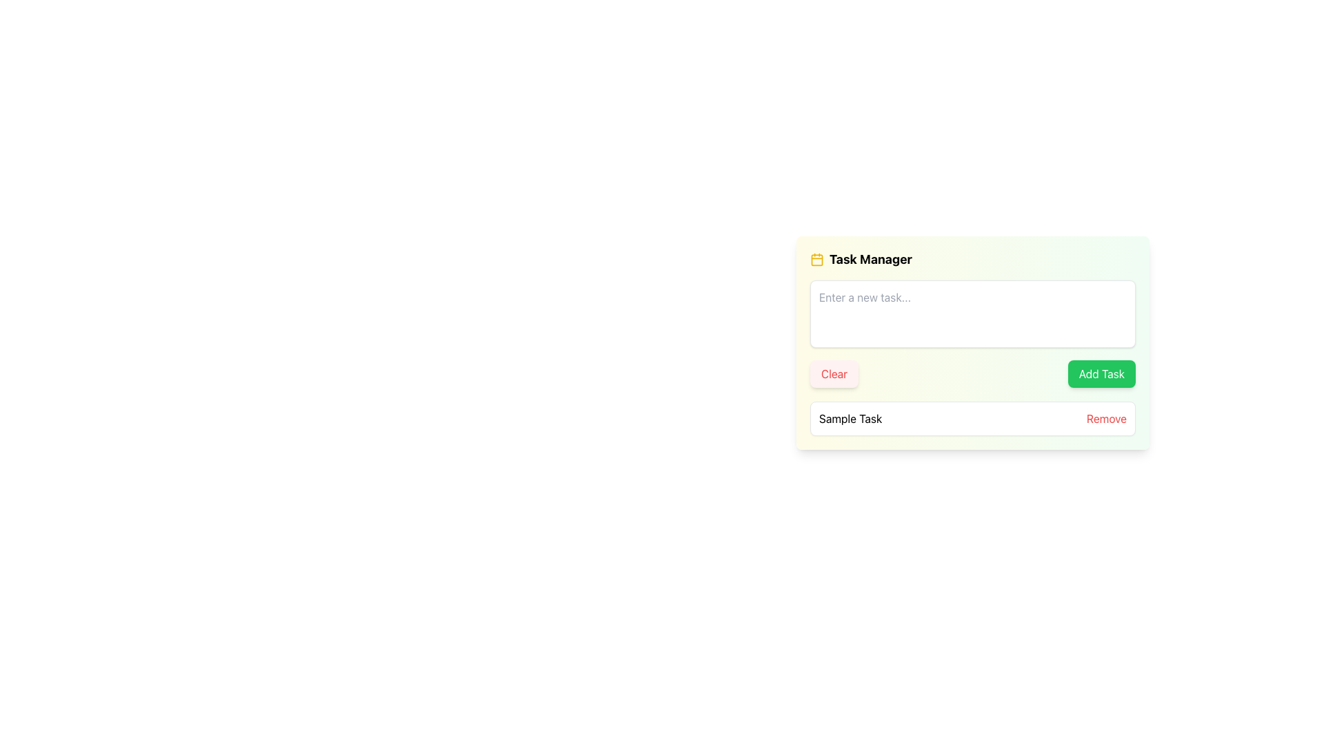  Describe the element at coordinates (1101, 374) in the screenshot. I see `the 'Add Task' button located at the bottom-right side of the 'Task Manager' interface card for keyboard interaction` at that location.